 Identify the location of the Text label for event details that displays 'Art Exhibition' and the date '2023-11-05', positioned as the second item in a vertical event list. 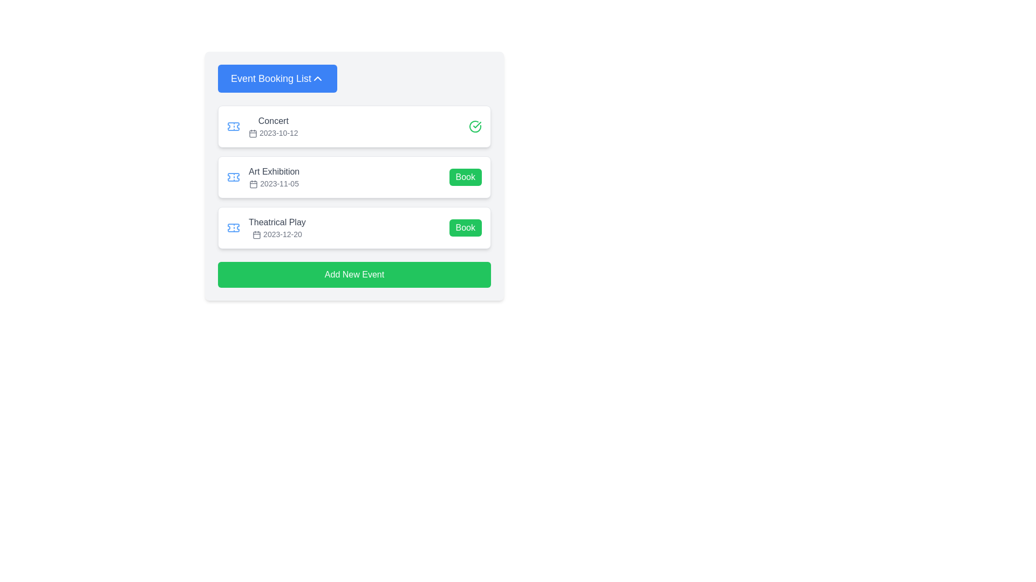
(274, 176).